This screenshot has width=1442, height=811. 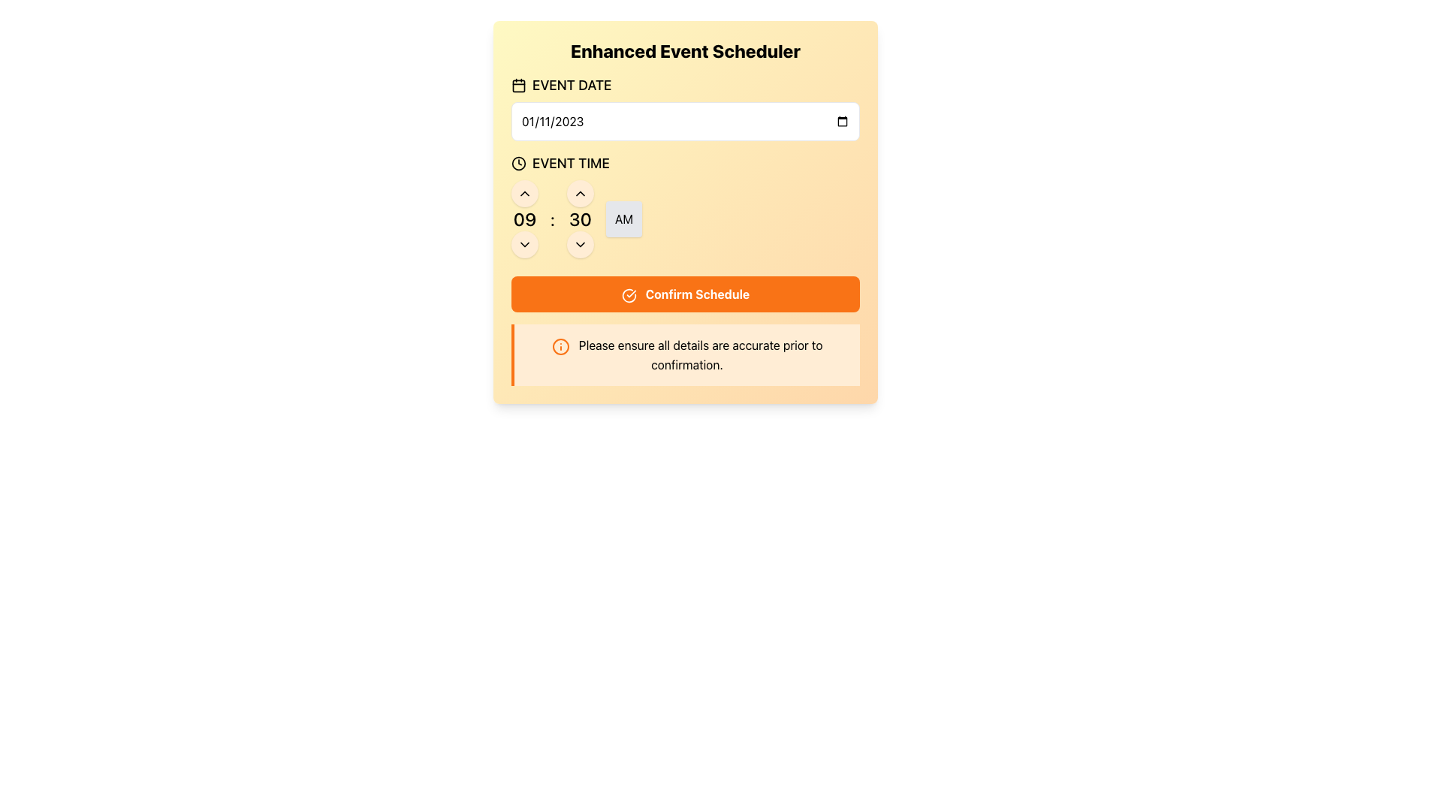 What do you see at coordinates (579, 244) in the screenshot?
I see `the chevron icon button for dropdown toggle in the 'Event Time' section of the 'Enhanced Event Scheduler' interface` at bounding box center [579, 244].